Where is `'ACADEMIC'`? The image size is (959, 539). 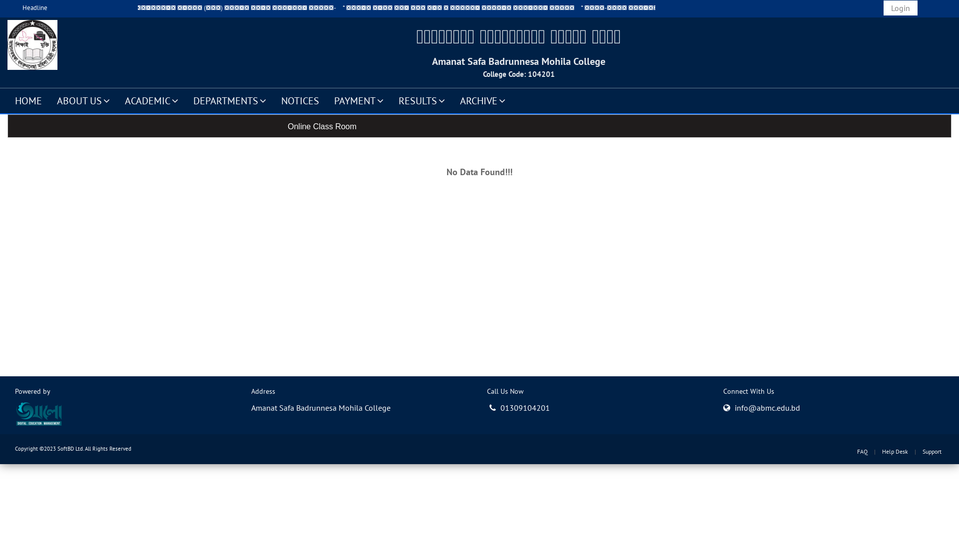
'ACADEMIC' is located at coordinates (151, 100).